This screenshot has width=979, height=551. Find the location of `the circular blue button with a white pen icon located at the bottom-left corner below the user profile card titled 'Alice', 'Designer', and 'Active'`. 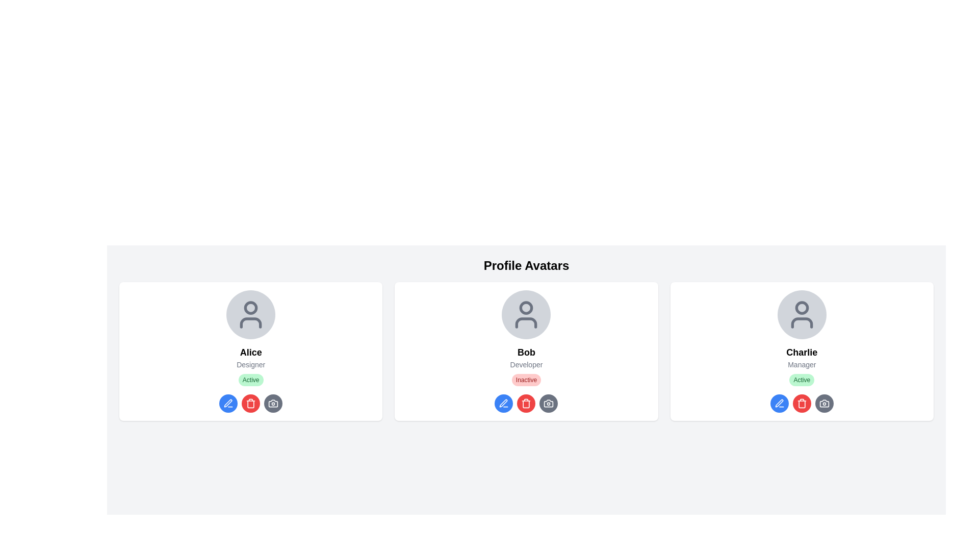

the circular blue button with a white pen icon located at the bottom-left corner below the user profile card titled 'Alice', 'Designer', and 'Active' is located at coordinates (228, 403).